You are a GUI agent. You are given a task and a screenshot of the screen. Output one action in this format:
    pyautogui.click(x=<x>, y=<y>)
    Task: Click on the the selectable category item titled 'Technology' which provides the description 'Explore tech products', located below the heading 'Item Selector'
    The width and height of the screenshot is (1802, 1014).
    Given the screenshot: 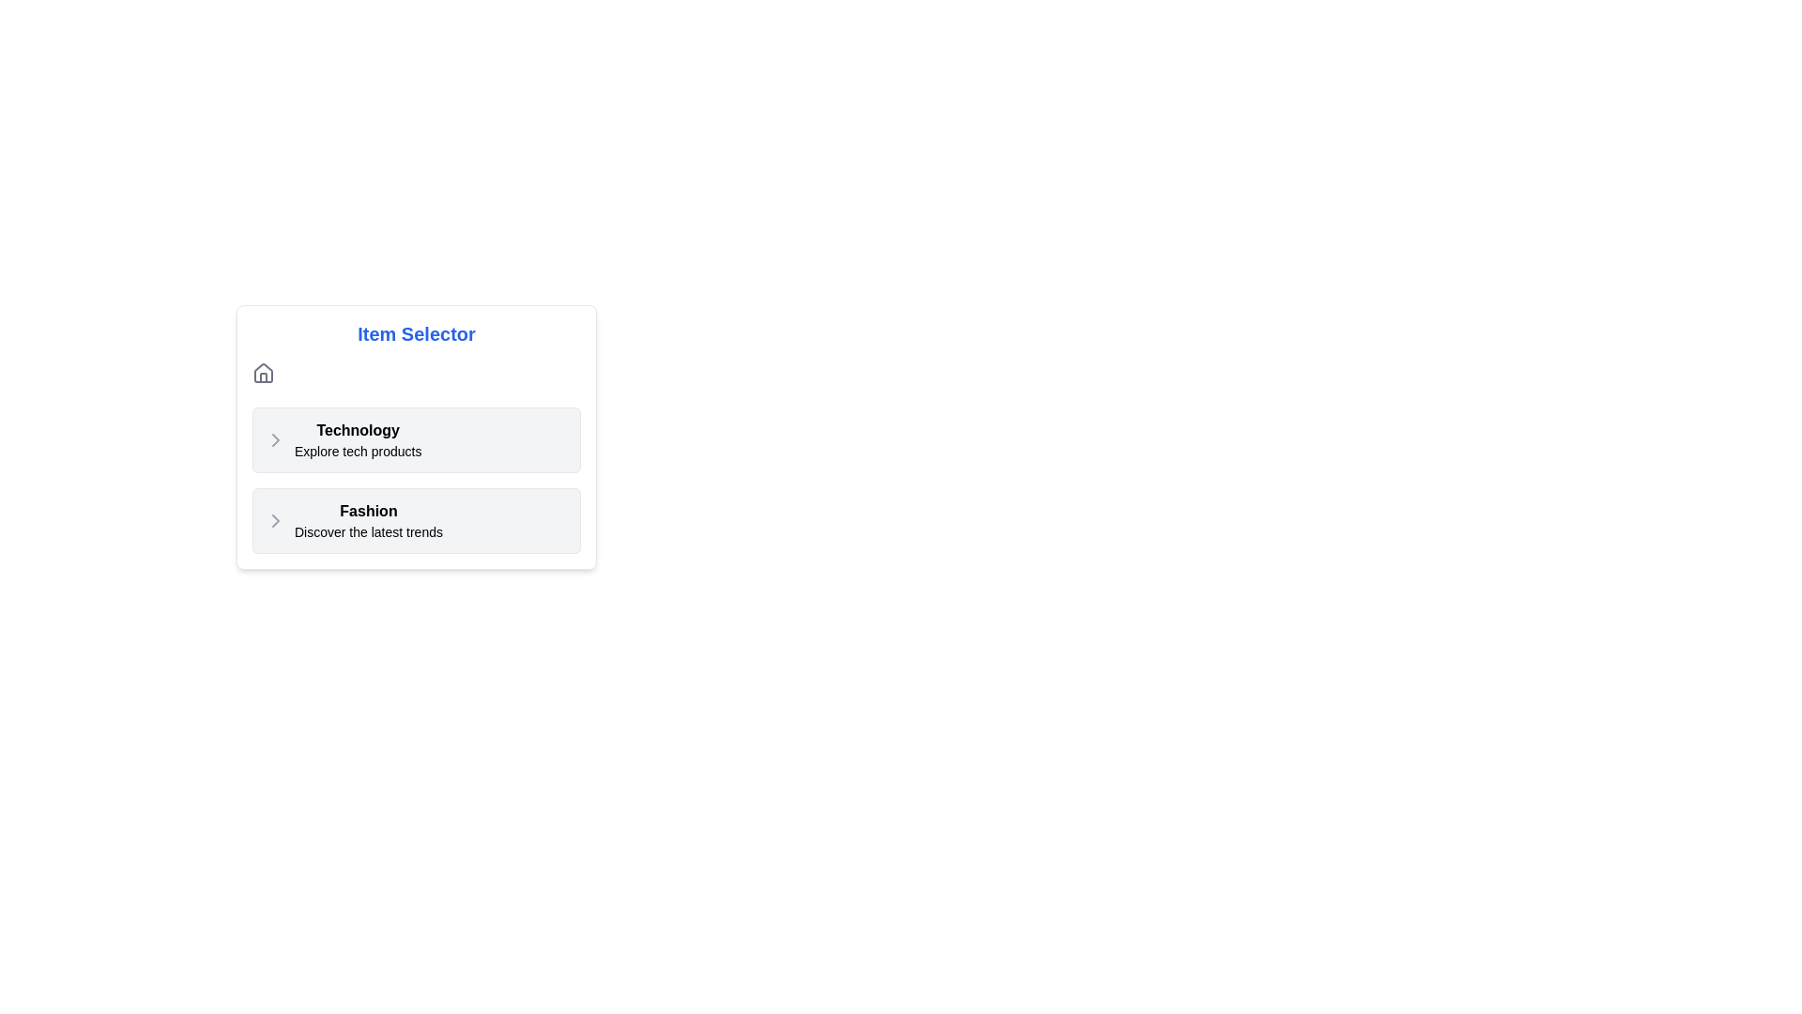 What is the action you would take?
    pyautogui.click(x=358, y=440)
    